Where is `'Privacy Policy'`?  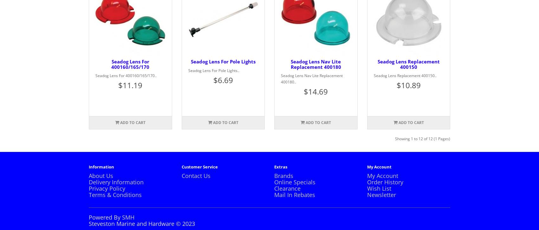
'Privacy Policy' is located at coordinates (107, 188).